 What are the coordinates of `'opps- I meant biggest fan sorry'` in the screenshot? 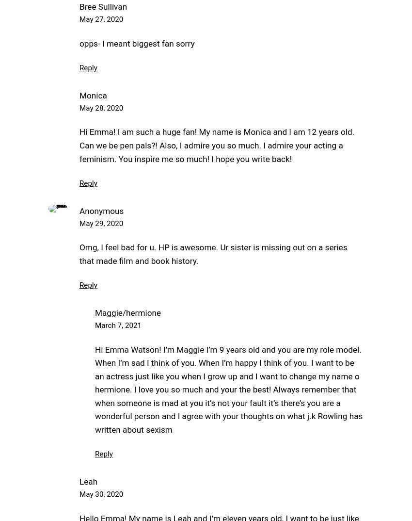 It's located at (136, 43).